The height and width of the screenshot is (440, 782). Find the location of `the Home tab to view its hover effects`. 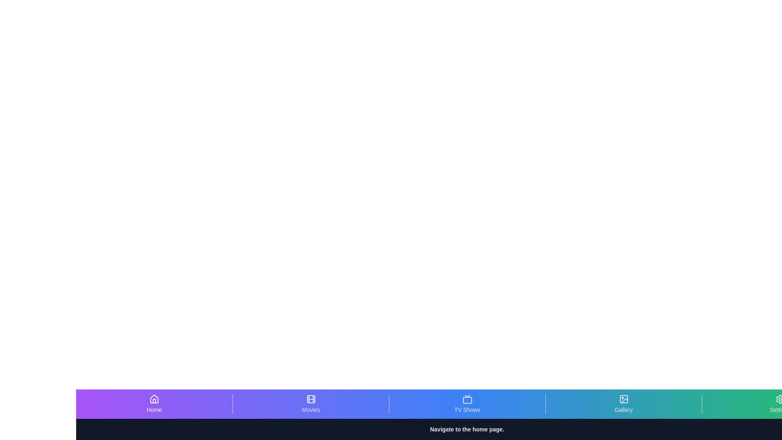

the Home tab to view its hover effects is located at coordinates (154, 404).